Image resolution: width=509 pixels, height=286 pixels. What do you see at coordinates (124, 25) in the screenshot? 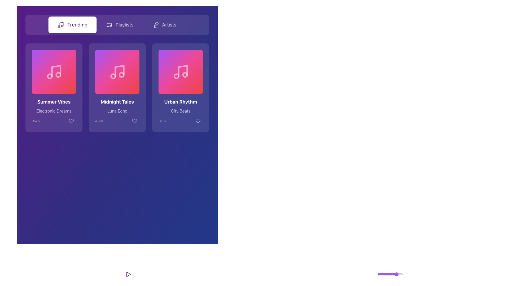
I see `the 'Playlists' text label in the navigation bar` at bounding box center [124, 25].